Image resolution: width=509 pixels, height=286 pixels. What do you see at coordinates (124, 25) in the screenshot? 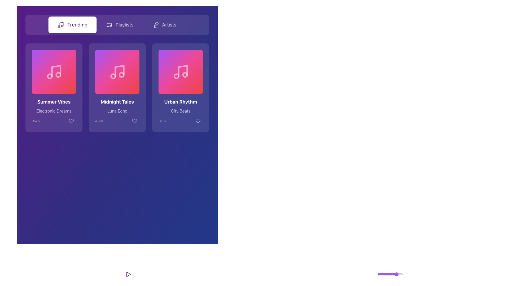
I see `the 'Playlists' text label in the navigation bar` at bounding box center [124, 25].